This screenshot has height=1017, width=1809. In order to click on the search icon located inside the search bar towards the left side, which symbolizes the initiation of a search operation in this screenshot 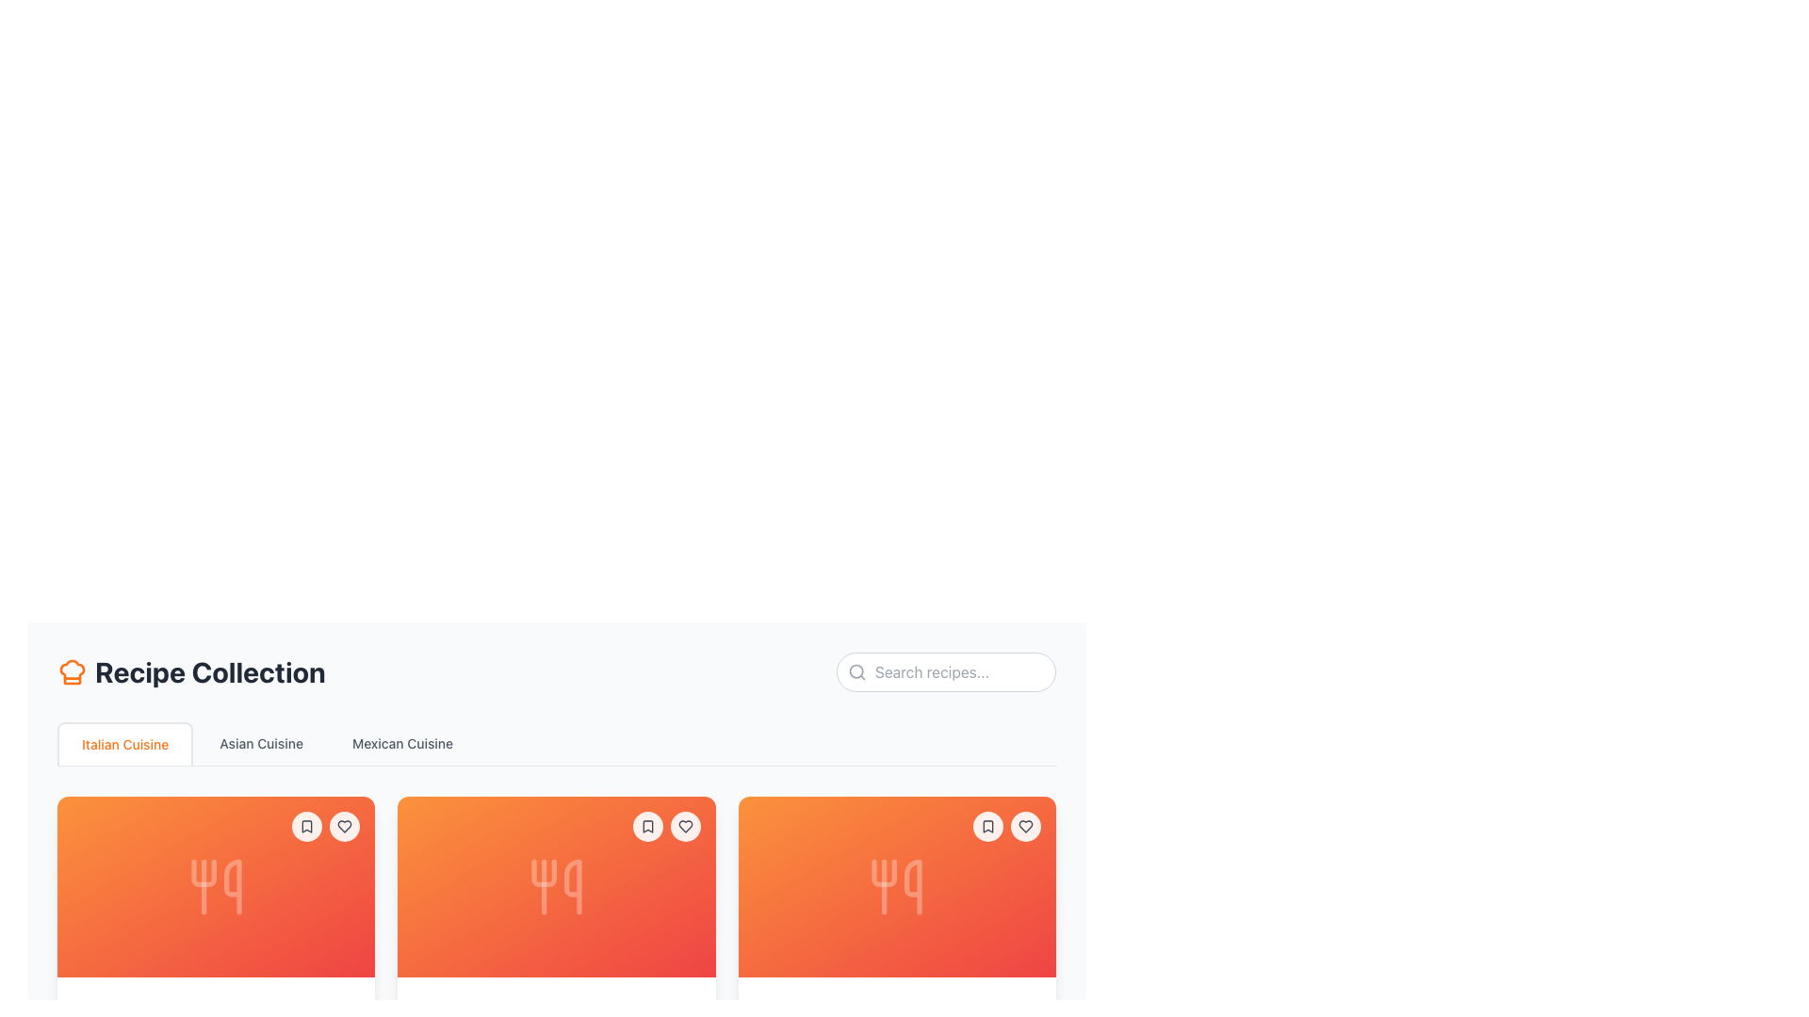, I will do `click(856, 670)`.